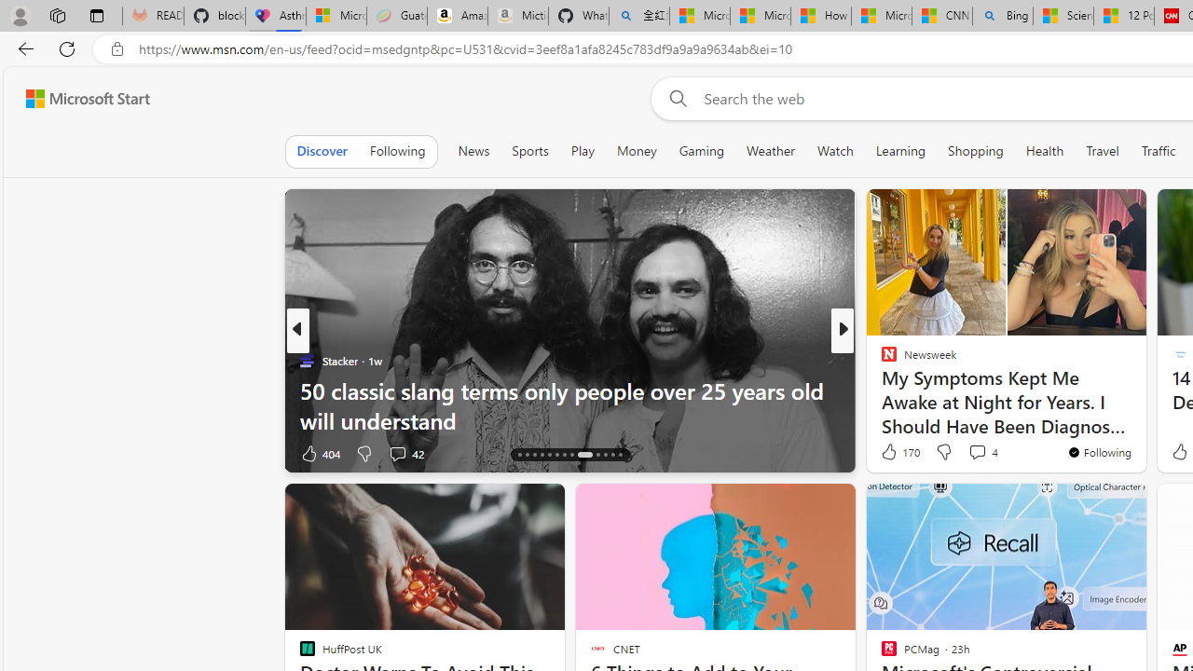 The image size is (1193, 671). What do you see at coordinates (583, 455) in the screenshot?
I see `'AutomationID: tab-22'` at bounding box center [583, 455].